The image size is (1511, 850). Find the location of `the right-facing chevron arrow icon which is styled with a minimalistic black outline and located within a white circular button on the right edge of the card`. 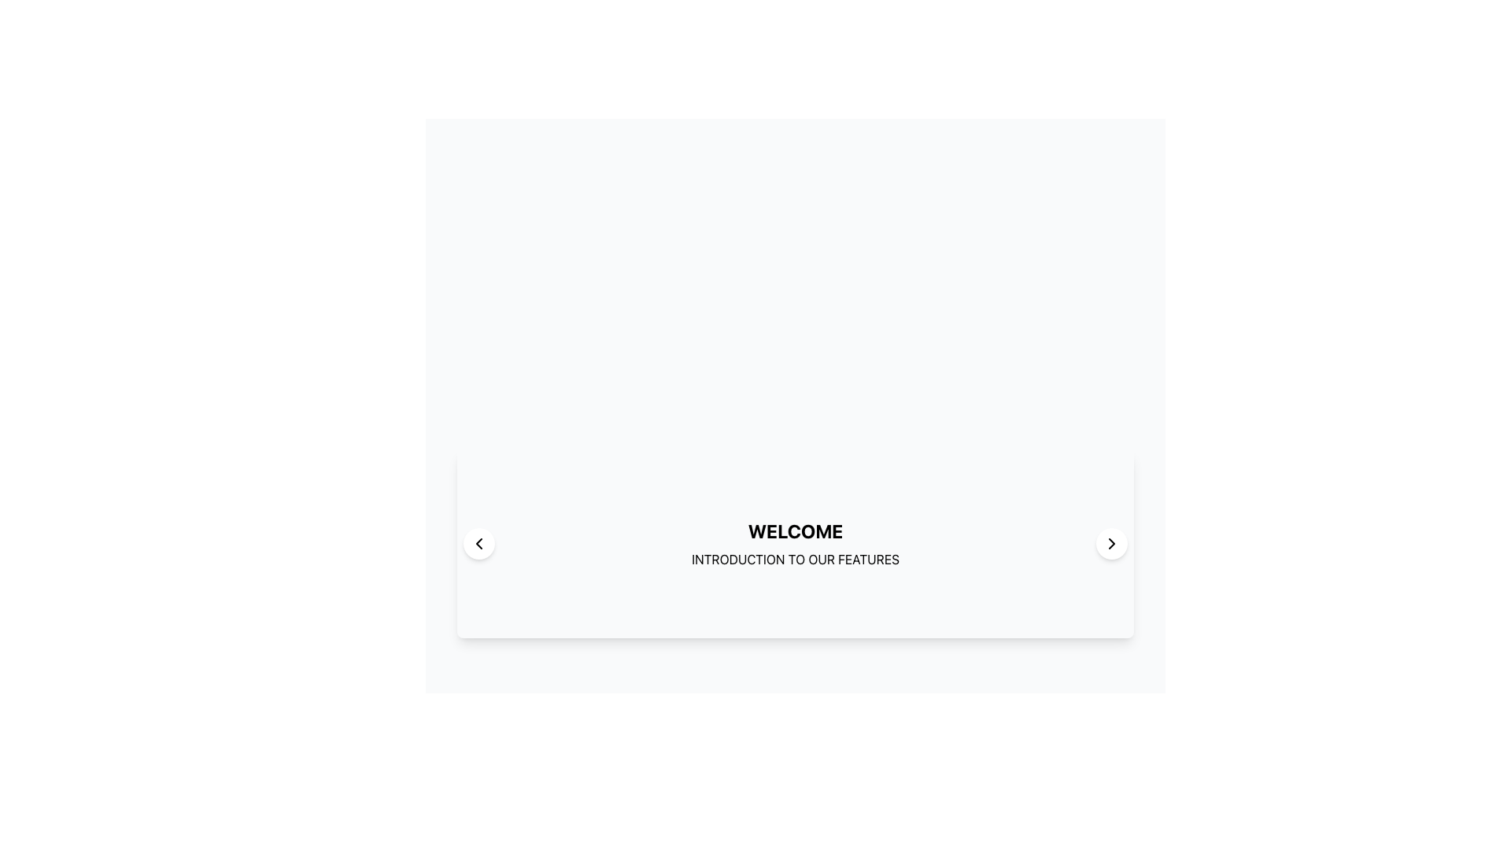

the right-facing chevron arrow icon which is styled with a minimalistic black outline and located within a white circular button on the right edge of the card is located at coordinates (1110, 542).